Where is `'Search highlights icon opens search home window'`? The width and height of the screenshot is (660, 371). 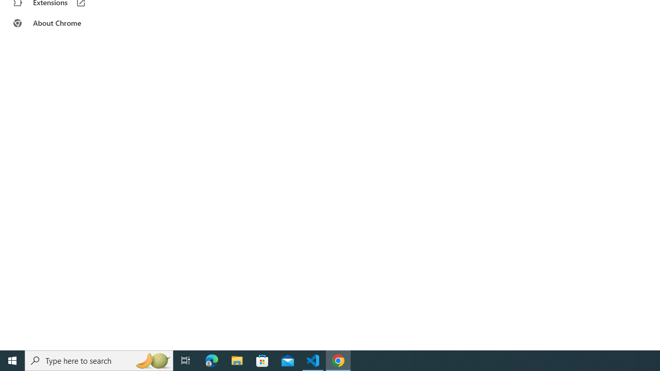 'Search highlights icon opens search home window' is located at coordinates (152, 360).